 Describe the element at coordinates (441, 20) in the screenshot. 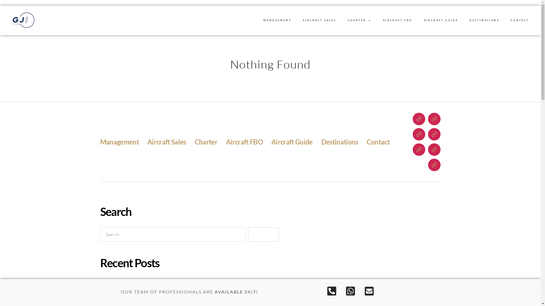

I see `'AIRCRAFT GUIDE'` at that location.